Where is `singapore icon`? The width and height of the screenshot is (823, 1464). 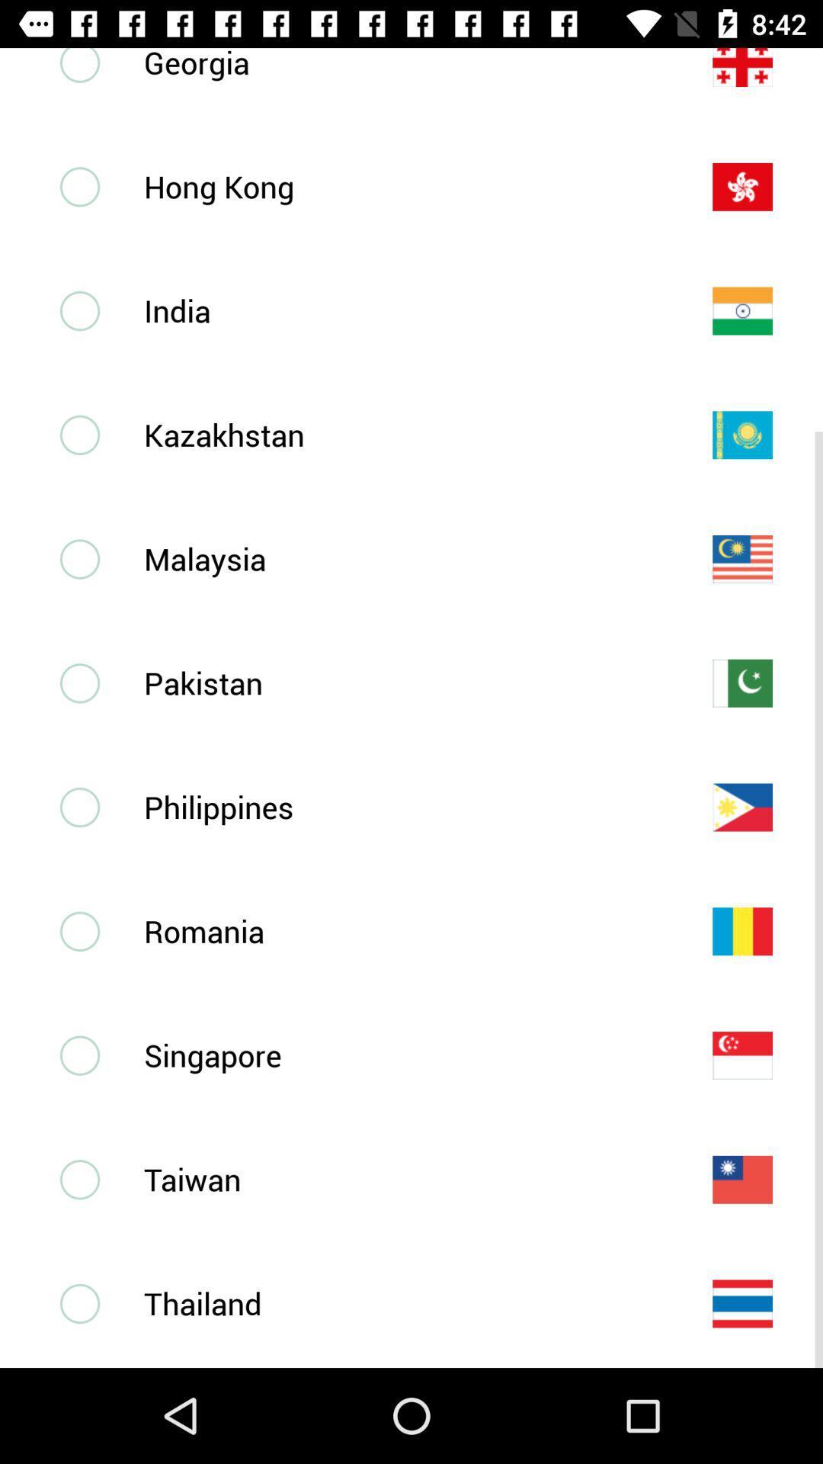 singapore icon is located at coordinates (402, 1055).